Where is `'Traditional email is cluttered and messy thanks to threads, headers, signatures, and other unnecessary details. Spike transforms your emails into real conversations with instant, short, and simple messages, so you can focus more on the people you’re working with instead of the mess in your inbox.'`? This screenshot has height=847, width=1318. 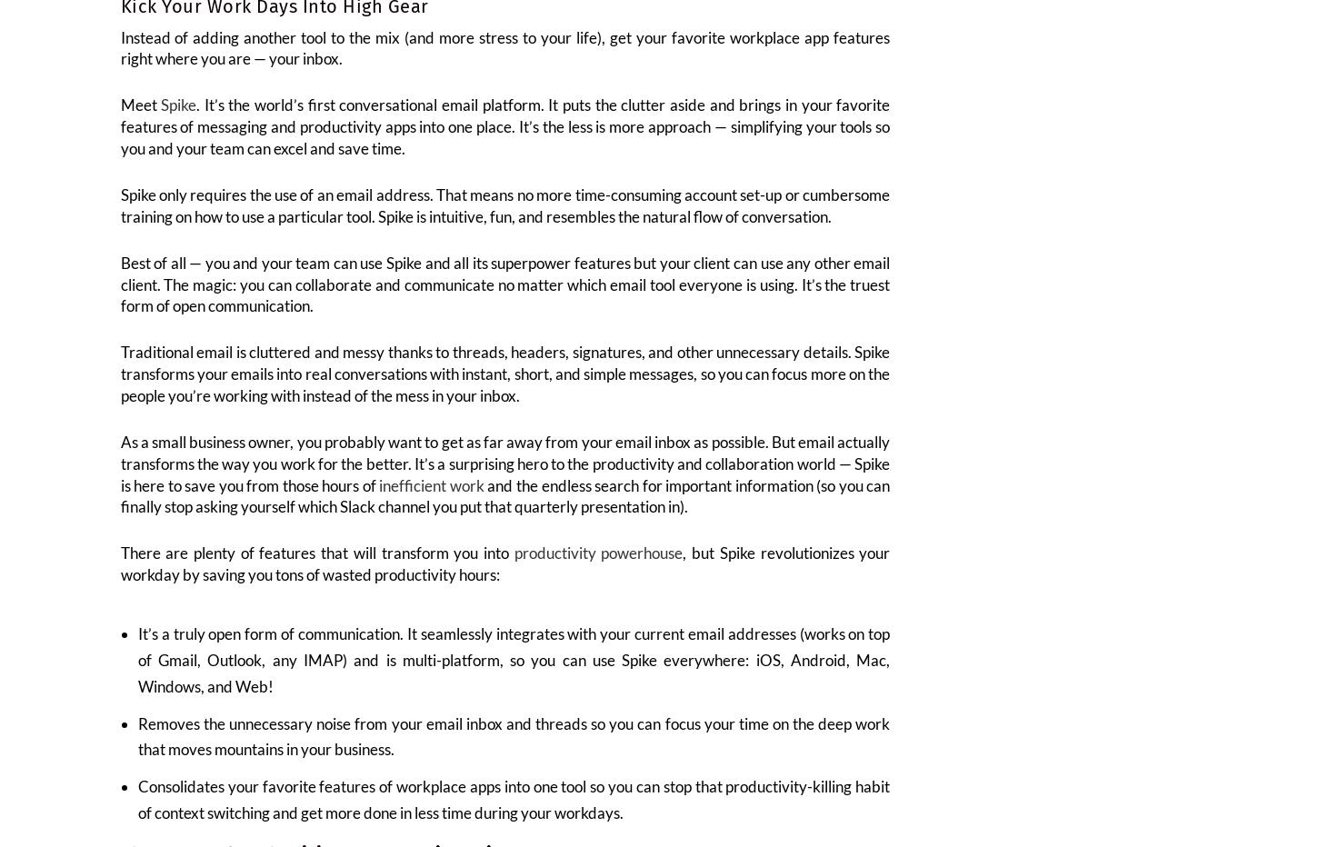
'Traditional email is cluttered and messy thanks to threads, headers, signatures, and other unnecessary details. Spike transforms your emails into real conversations with instant, short, and simple messages, so you can focus more on the people you’re working with instead of the mess in your inbox.' is located at coordinates (504, 384).